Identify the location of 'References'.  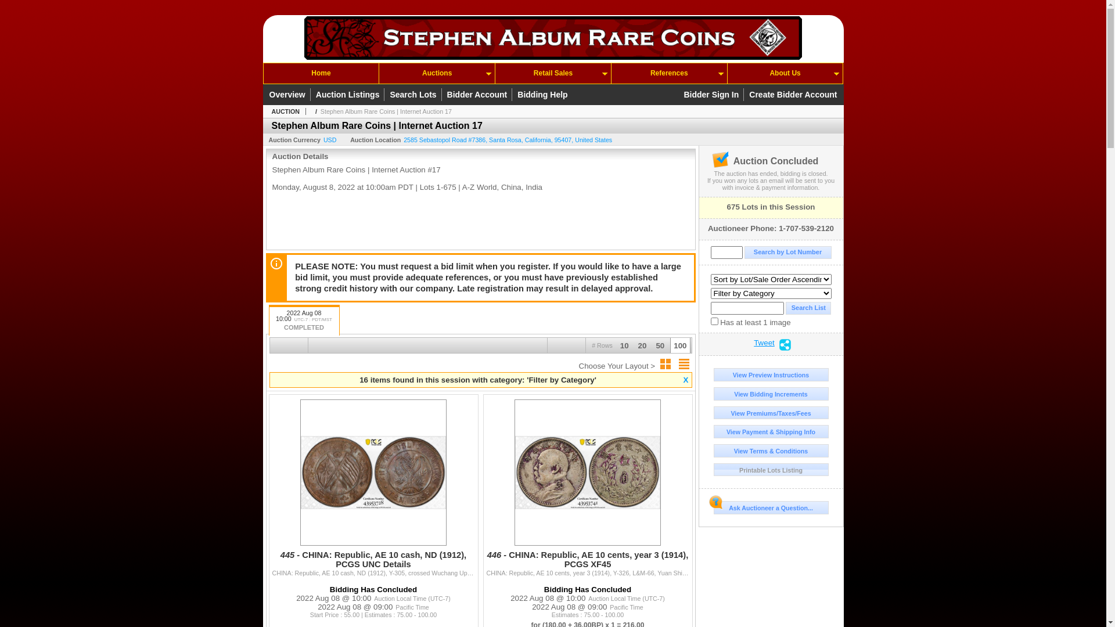
(669, 73).